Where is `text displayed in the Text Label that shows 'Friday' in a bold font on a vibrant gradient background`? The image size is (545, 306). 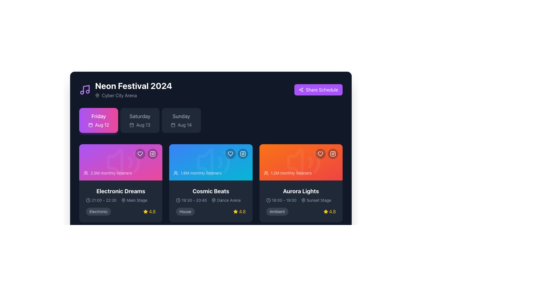
text displayed in the Text Label that shows 'Friday' in a bold font on a vibrant gradient background is located at coordinates (98, 116).